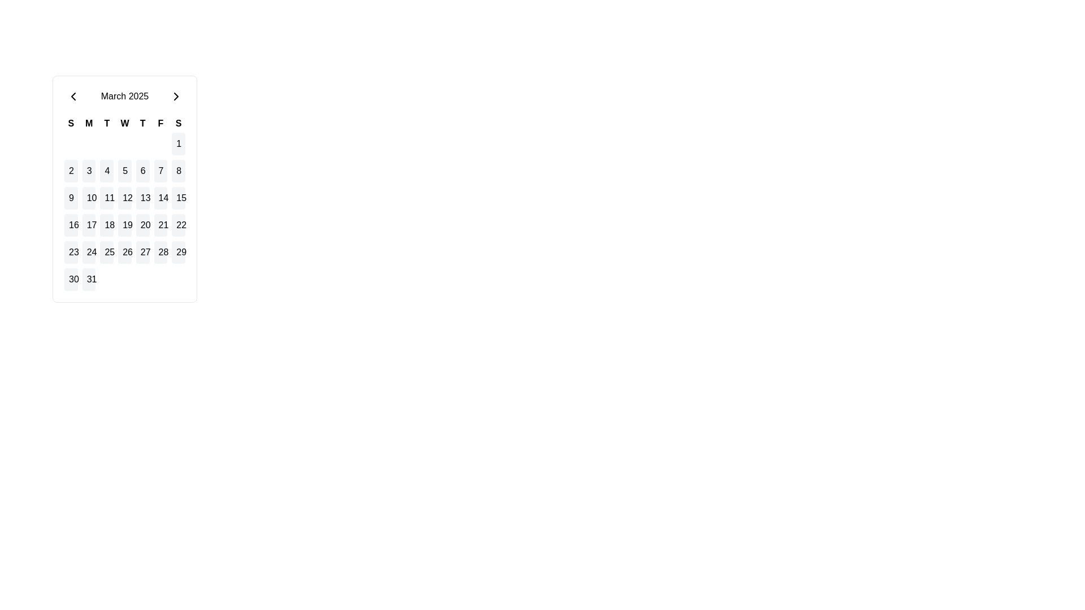 This screenshot has height=610, width=1085. Describe the element at coordinates (88, 124) in the screenshot. I see `the 'M' text label representing Monday in the weekly calendar grid, which is the second item in the first row of bold weekday initials` at that location.